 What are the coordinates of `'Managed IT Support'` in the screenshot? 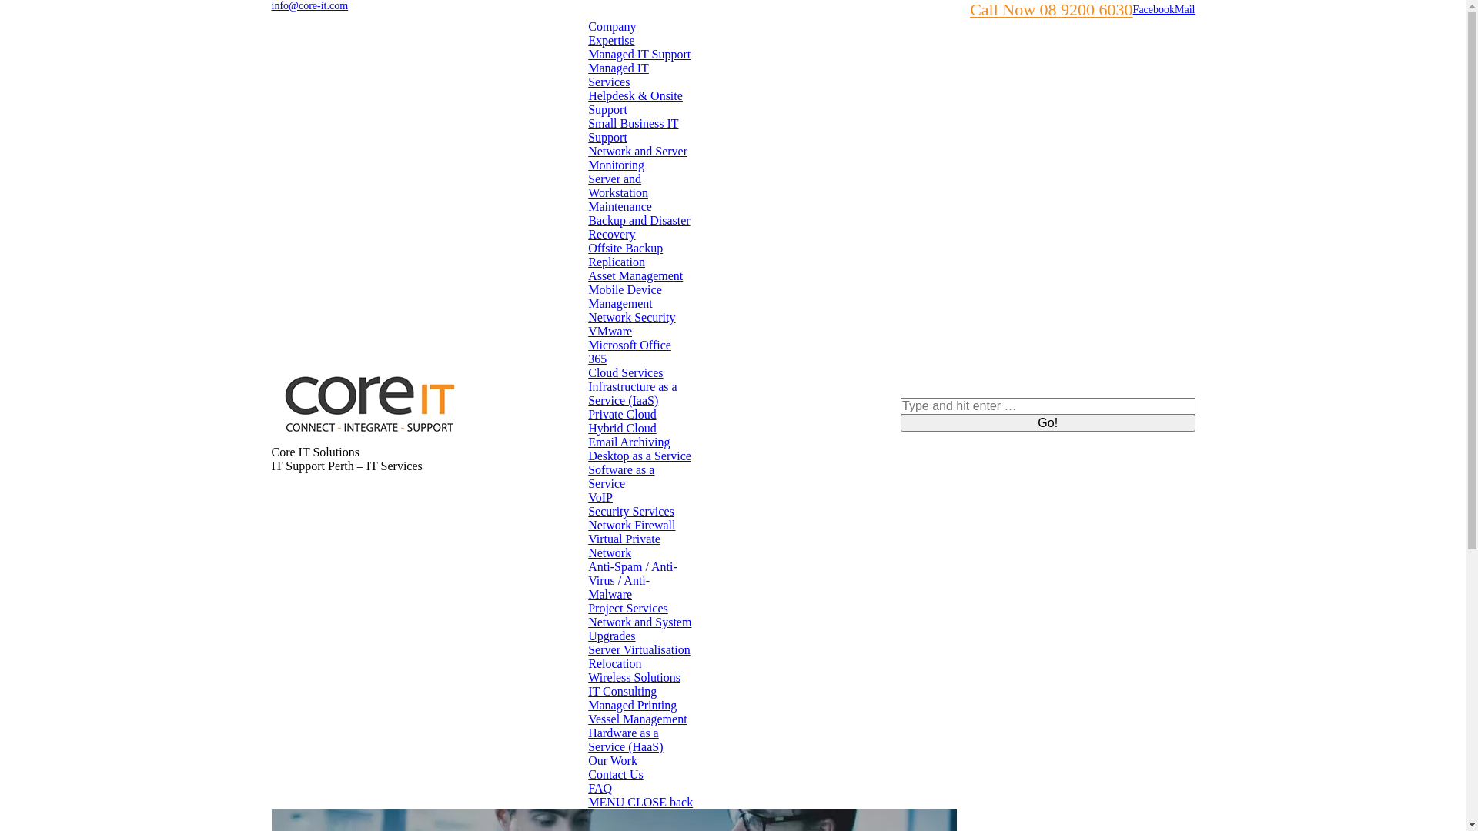 It's located at (639, 53).